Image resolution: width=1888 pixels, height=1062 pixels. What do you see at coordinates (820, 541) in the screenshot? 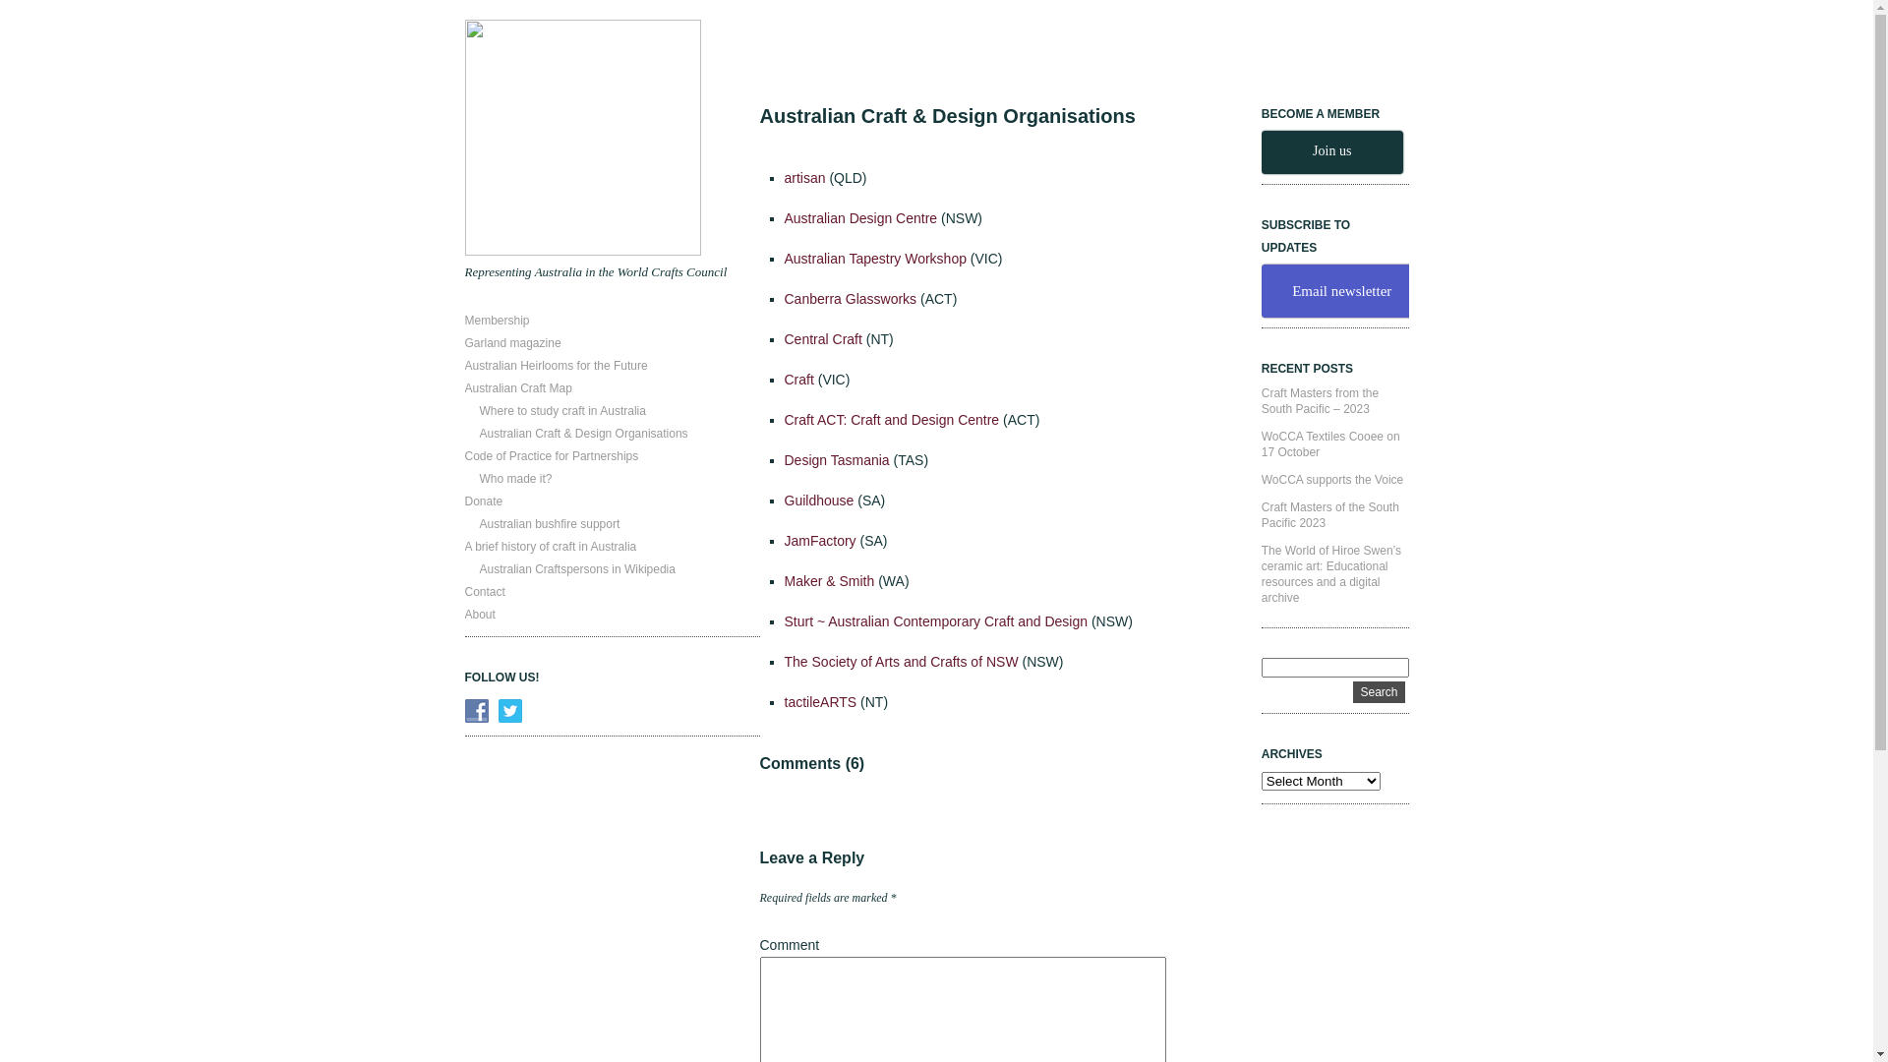
I see `'JamFactory'` at bounding box center [820, 541].